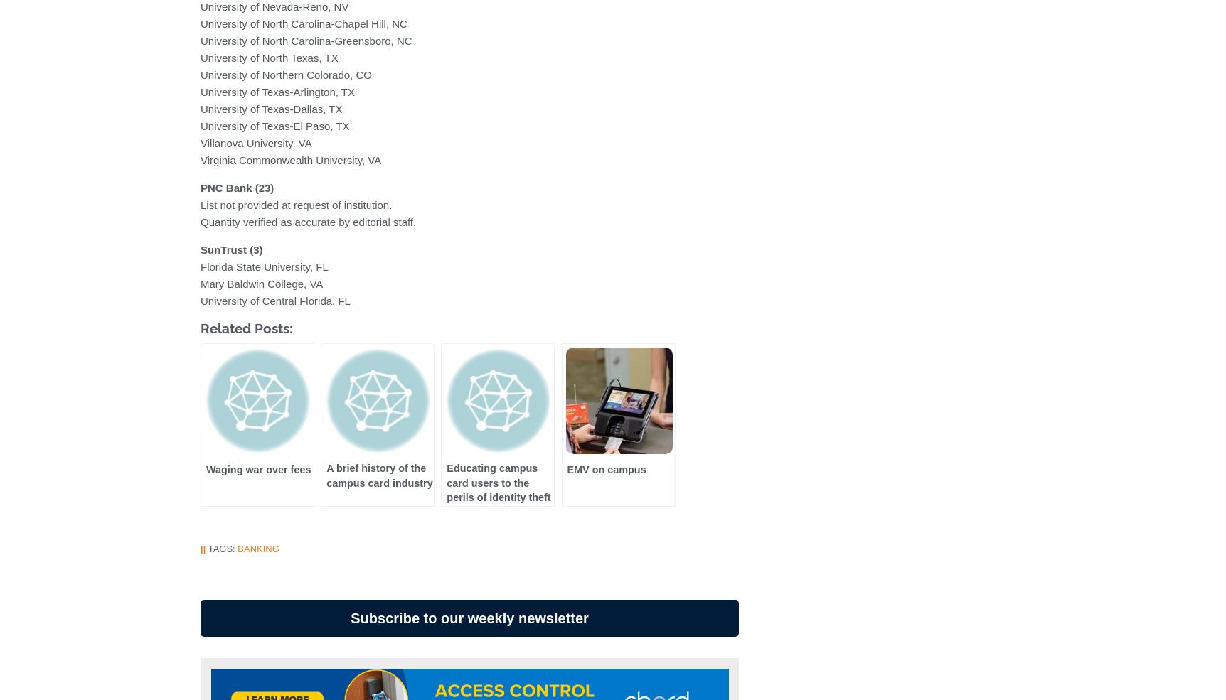 This screenshot has width=1226, height=700. What do you see at coordinates (497, 481) in the screenshot?
I see `'Educating campus card users to the perils of identity theft'` at bounding box center [497, 481].